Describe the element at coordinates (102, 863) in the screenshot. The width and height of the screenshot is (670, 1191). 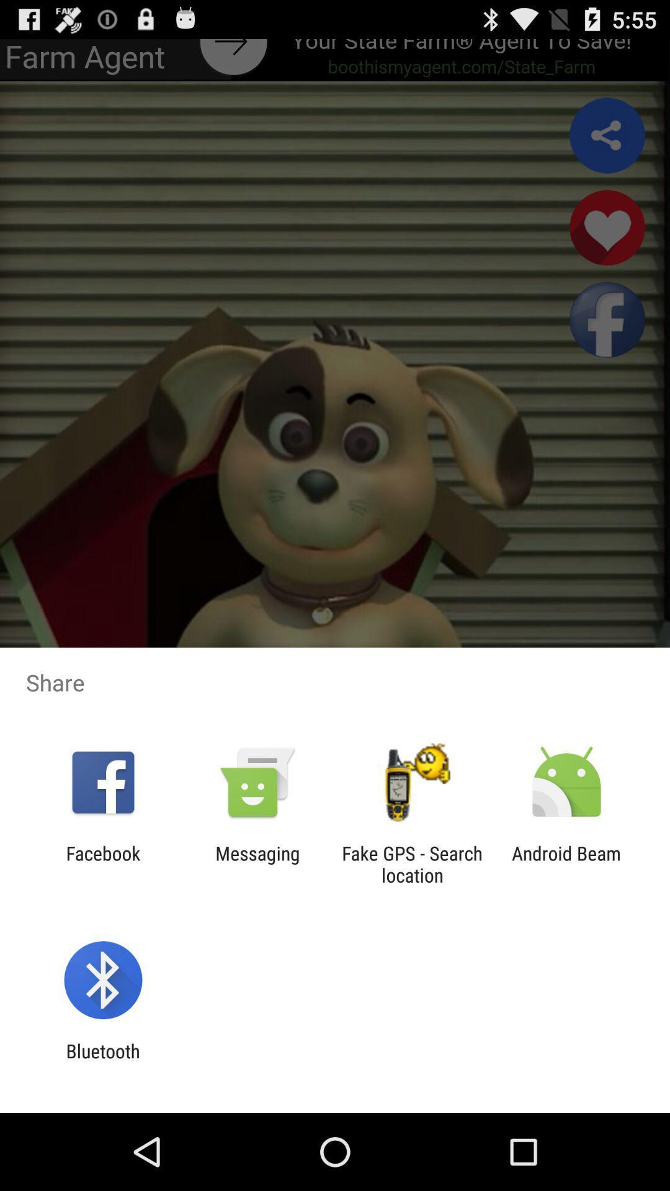
I see `app to the left of the messaging item` at that location.